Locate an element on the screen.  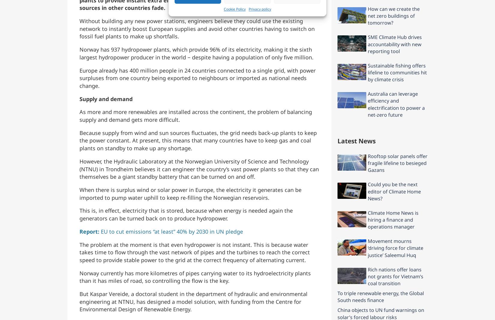
'To triple renewable energy, the Global South needs finance' is located at coordinates (380, 297).